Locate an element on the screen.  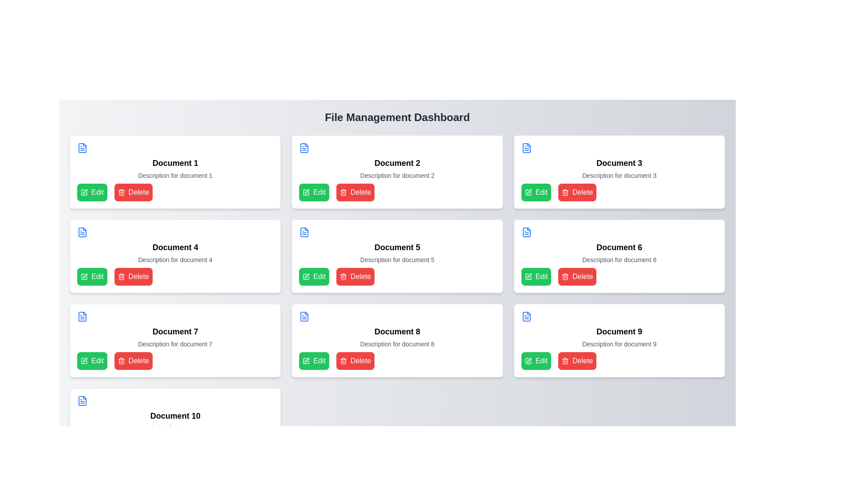
the text label providing supplementary information about 'Document 8', located within the card beneath the main title, flanked by 'Edit' and 'Delete' buttons is located at coordinates (397, 343).